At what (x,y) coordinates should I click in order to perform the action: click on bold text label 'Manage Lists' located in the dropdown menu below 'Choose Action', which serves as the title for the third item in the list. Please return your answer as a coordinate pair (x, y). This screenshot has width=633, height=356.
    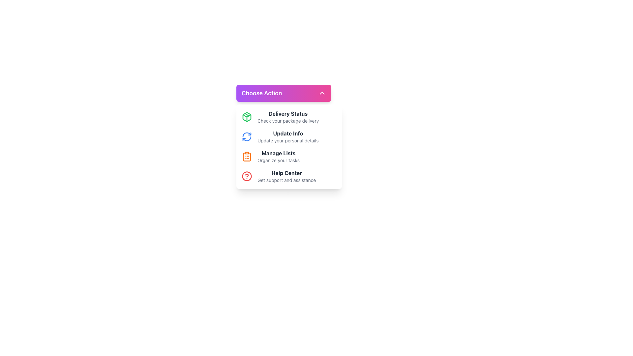
    Looking at the image, I should click on (278, 153).